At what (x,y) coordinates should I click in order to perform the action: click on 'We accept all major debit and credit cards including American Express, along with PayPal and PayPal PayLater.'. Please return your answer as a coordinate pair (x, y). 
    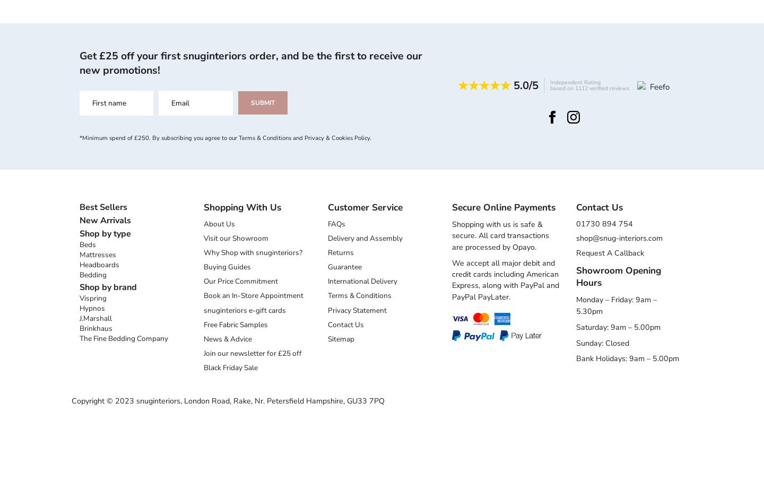
    Looking at the image, I should click on (452, 279).